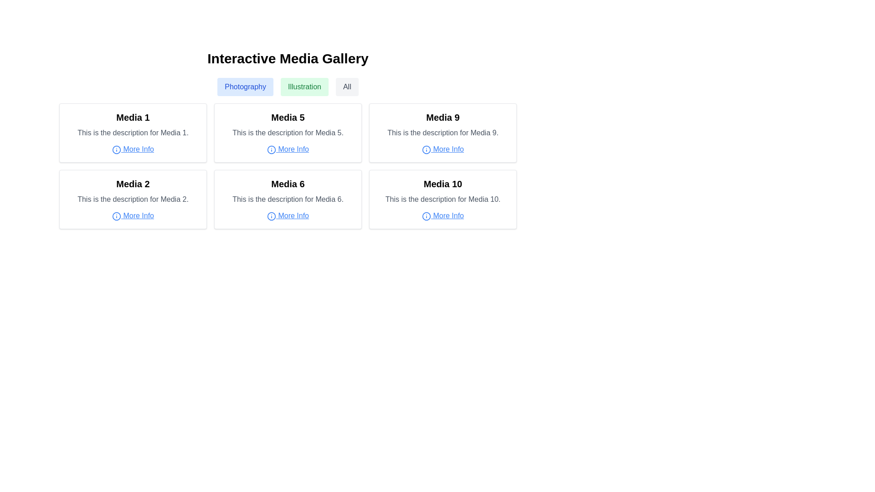  I want to click on the 'Illustration' section of the centered button group in the 'Interactive Media Gallery' to filter content, so click(288, 87).